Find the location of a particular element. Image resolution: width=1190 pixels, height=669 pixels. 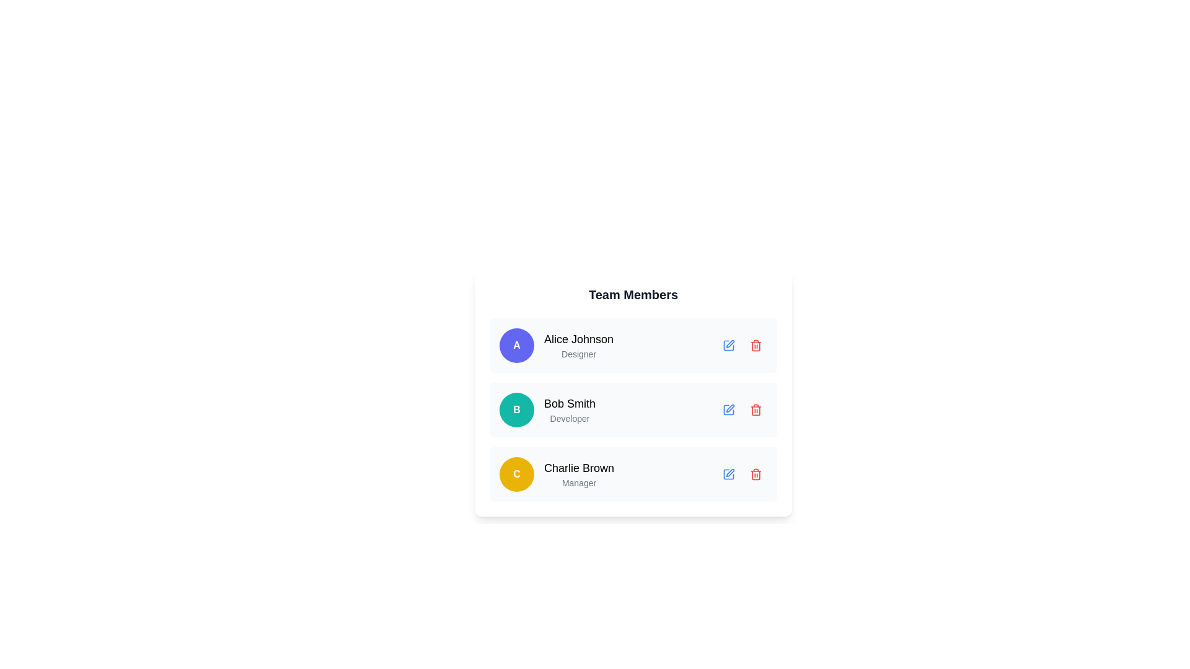

the trash can icon button, which is styled in red and represents a delete action, located to the right of the 'Bob Smith' entry in the team members list is located at coordinates (755, 410).